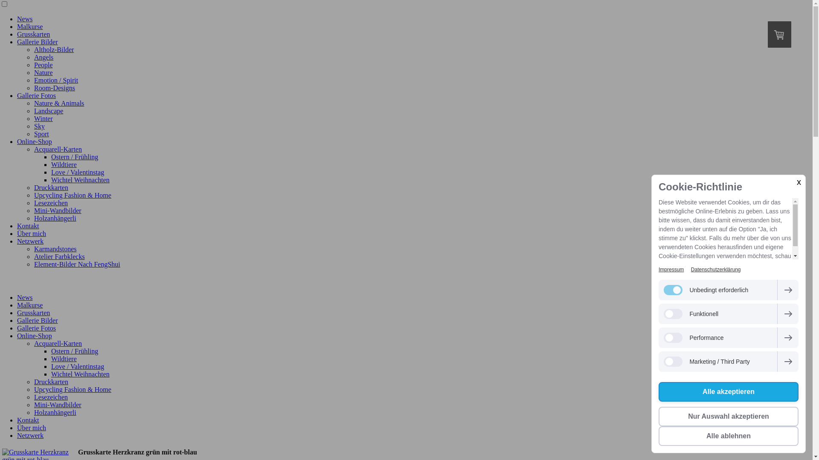 The width and height of the screenshot is (819, 460). Describe the element at coordinates (57, 149) in the screenshot. I see `'Acquarell-Karten'` at that location.